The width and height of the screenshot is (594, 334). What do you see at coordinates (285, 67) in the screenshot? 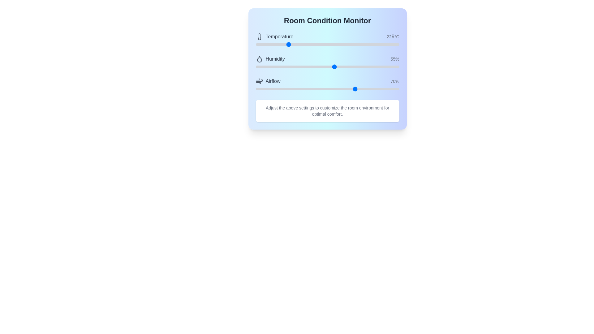
I see `the humidity level` at bounding box center [285, 67].